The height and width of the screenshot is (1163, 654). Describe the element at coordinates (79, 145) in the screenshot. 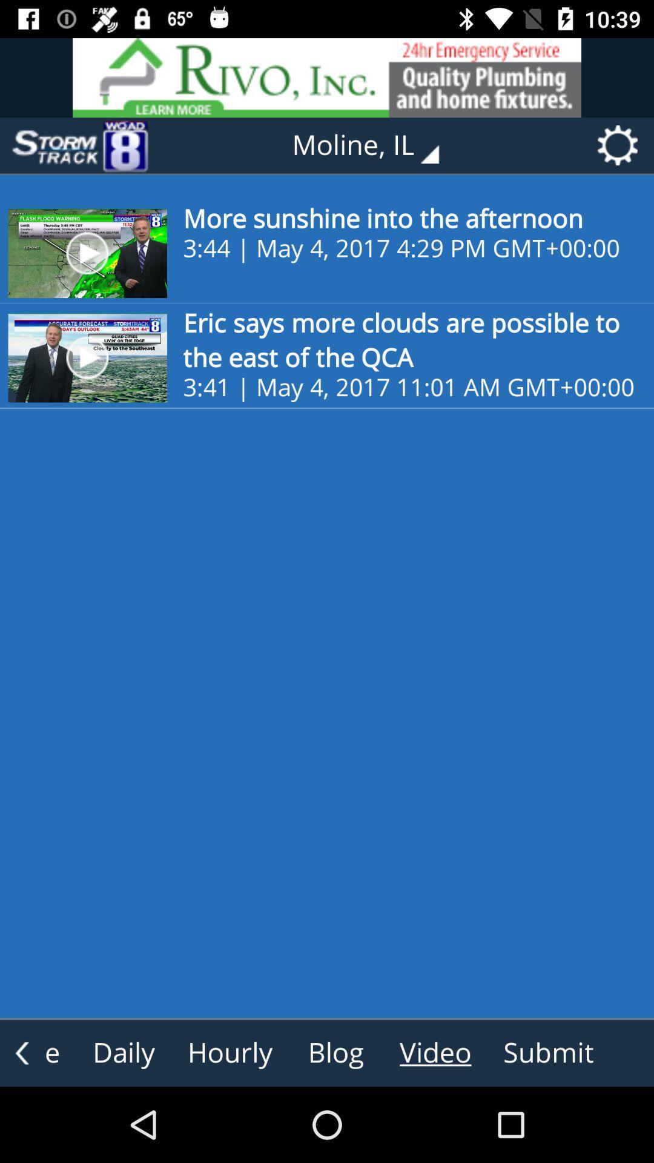

I see `item to the left of the moline, il icon` at that location.